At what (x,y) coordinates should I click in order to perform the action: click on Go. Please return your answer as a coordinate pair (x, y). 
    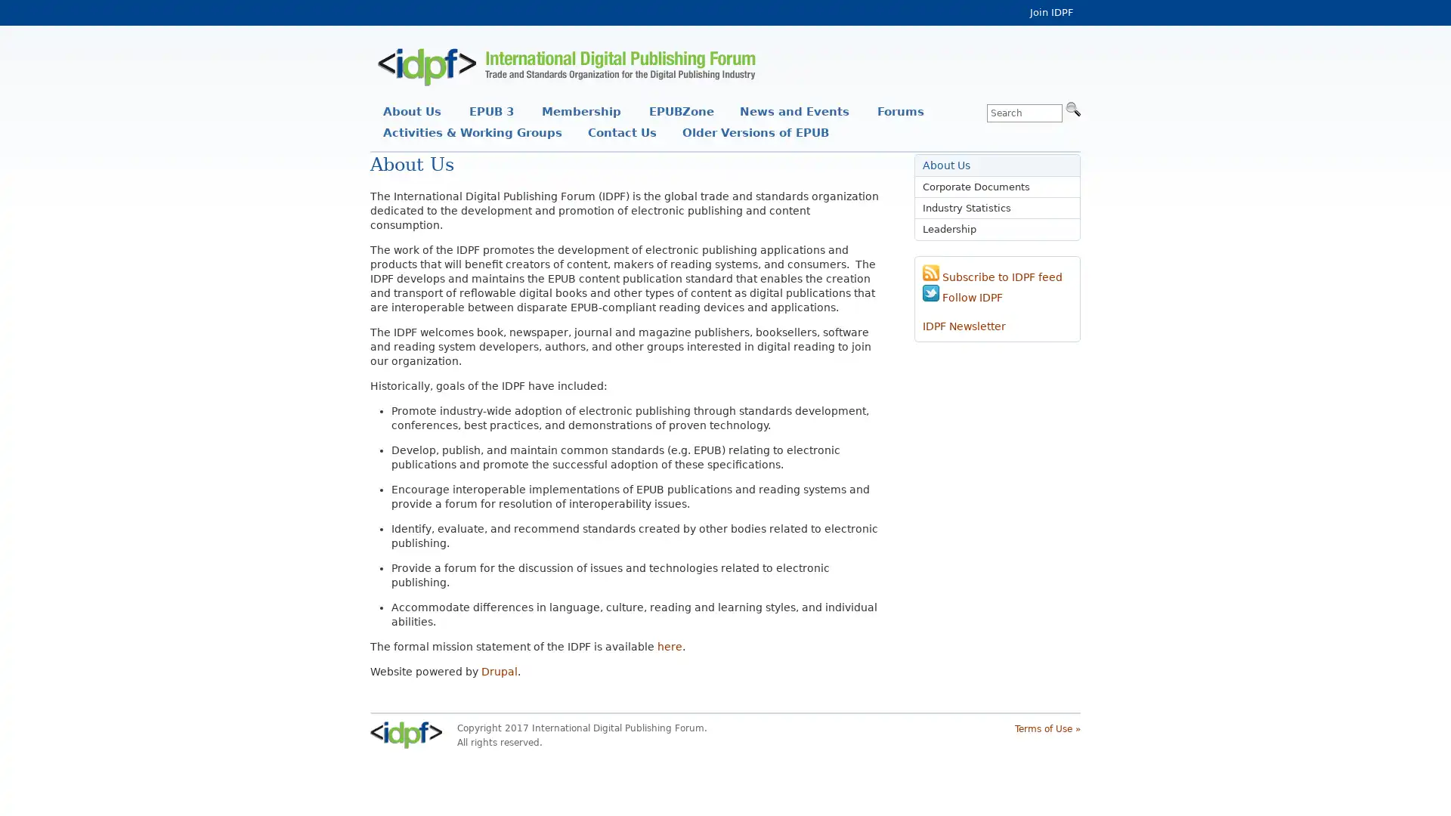
    Looking at the image, I should click on (1072, 107).